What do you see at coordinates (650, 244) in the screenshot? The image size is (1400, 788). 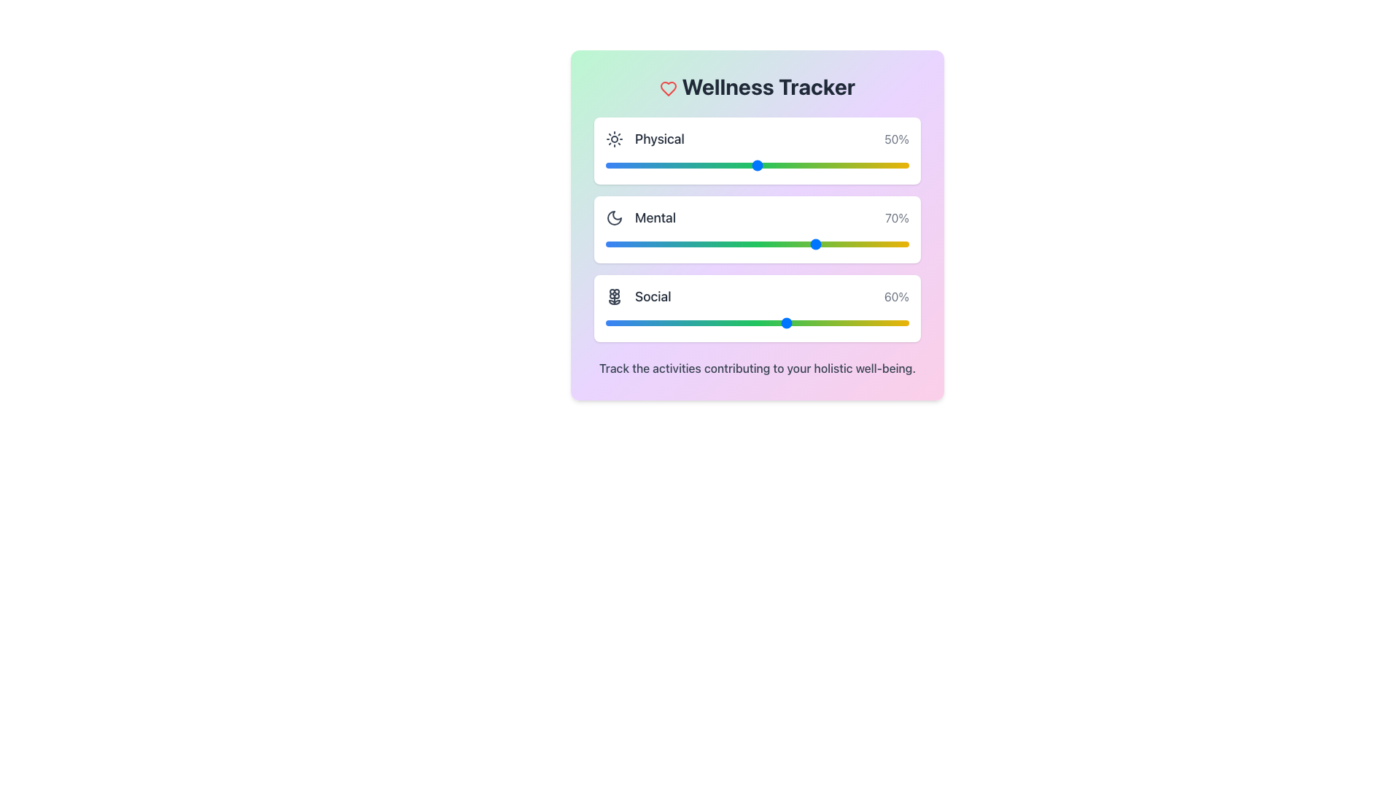 I see `the mental health value` at bounding box center [650, 244].